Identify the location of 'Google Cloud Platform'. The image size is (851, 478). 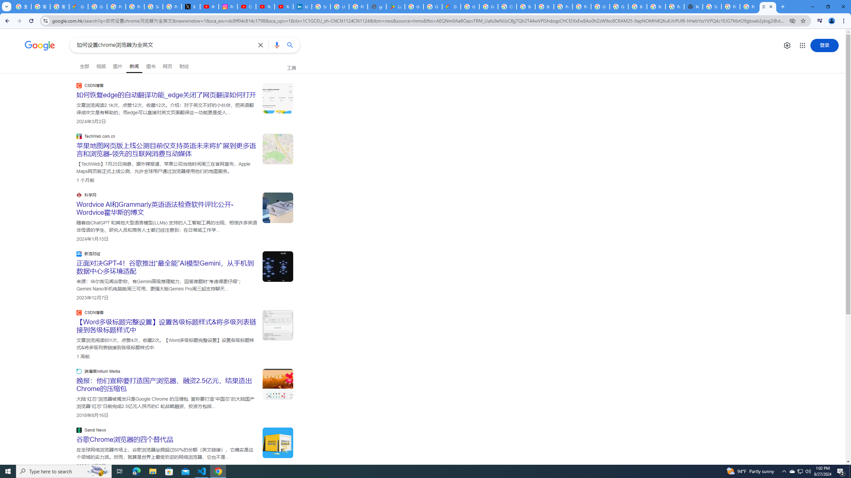
(619, 6).